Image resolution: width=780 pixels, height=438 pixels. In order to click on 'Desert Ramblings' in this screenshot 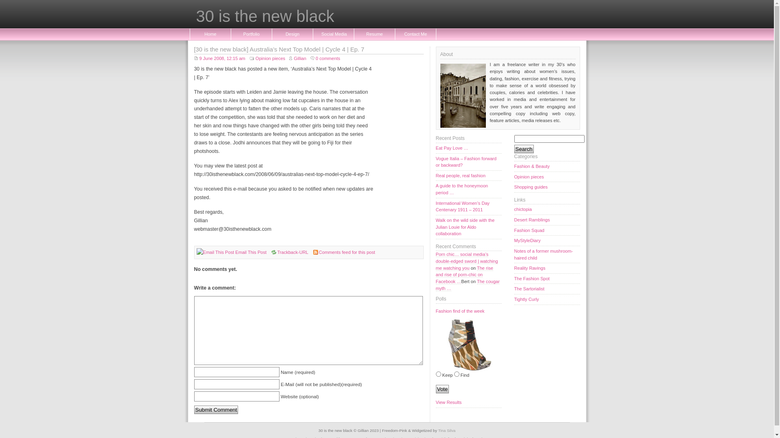, I will do `click(547, 220)`.